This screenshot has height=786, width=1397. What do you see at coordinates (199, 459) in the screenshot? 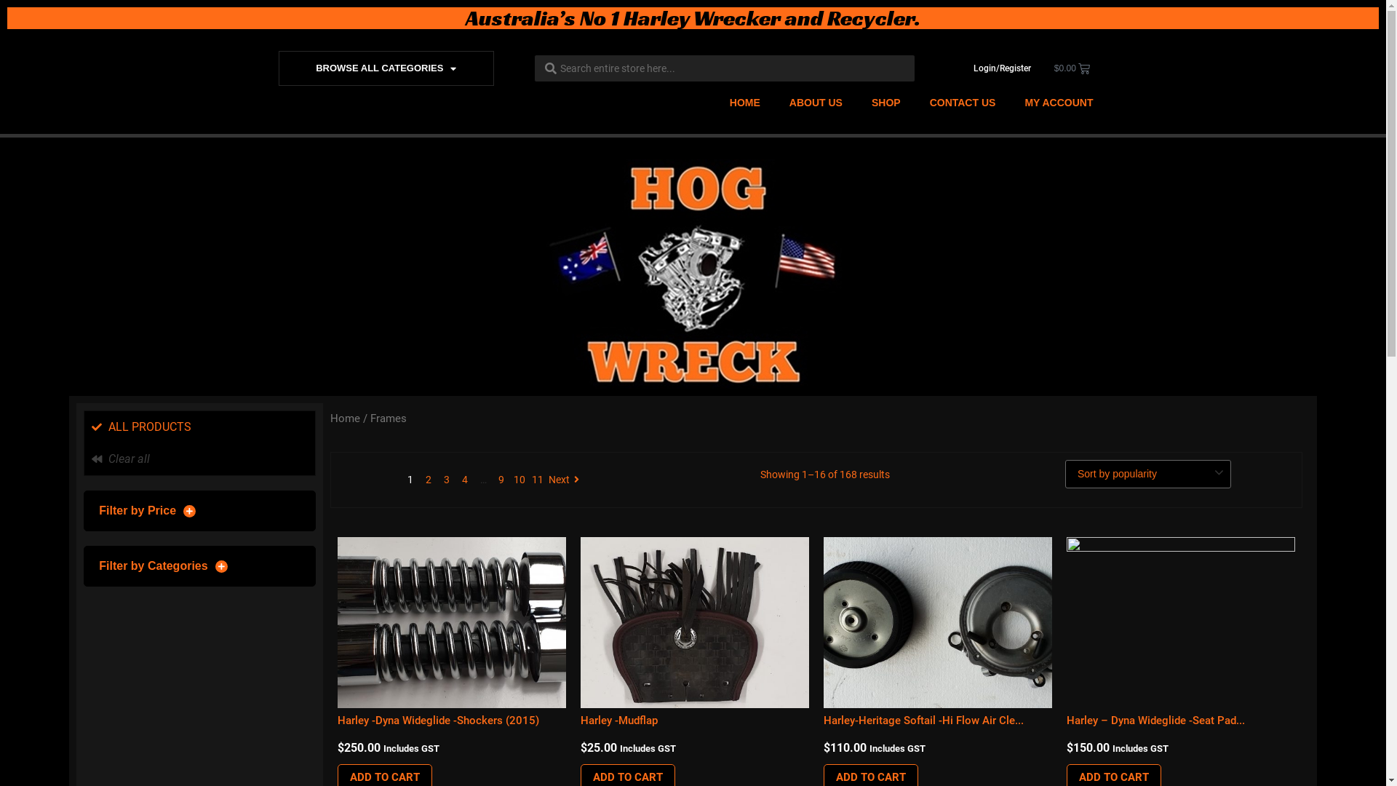
I see `'Clear all'` at bounding box center [199, 459].